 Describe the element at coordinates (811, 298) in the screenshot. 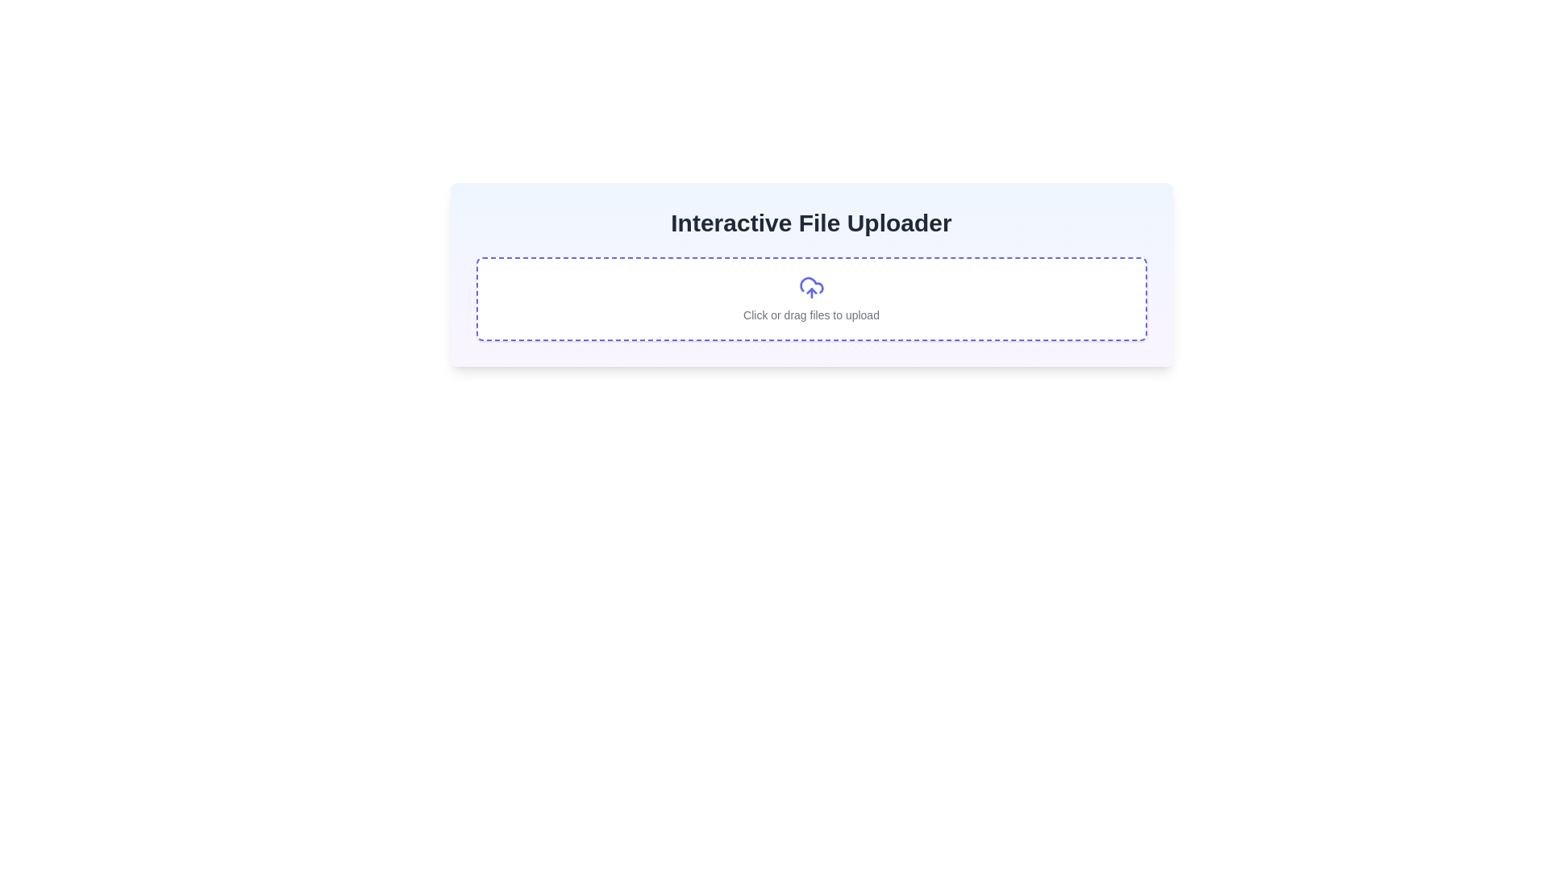

I see `the clickable file upload area located beneath the 'Interactive File Uploader' heading` at that location.